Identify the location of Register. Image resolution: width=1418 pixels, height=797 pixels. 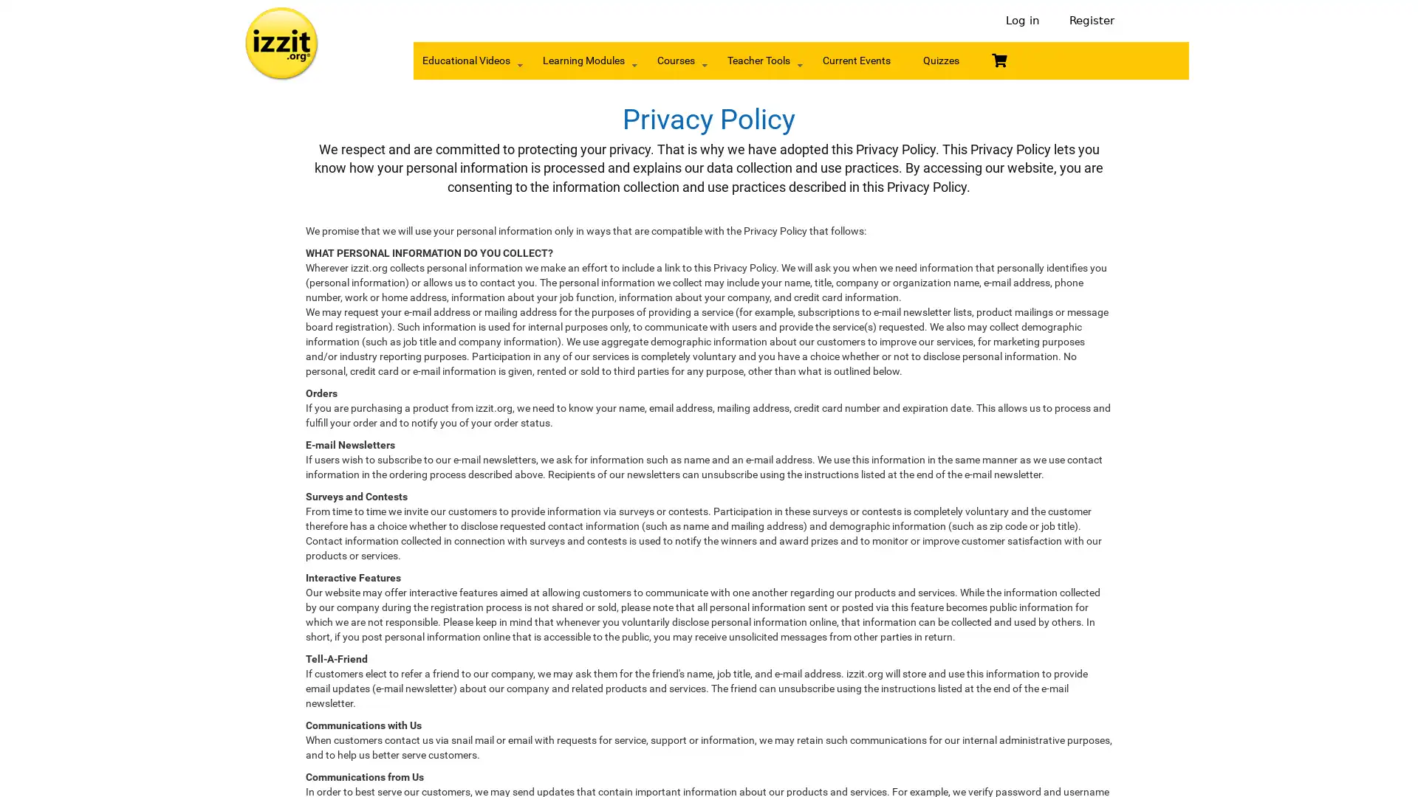
(1088, 21).